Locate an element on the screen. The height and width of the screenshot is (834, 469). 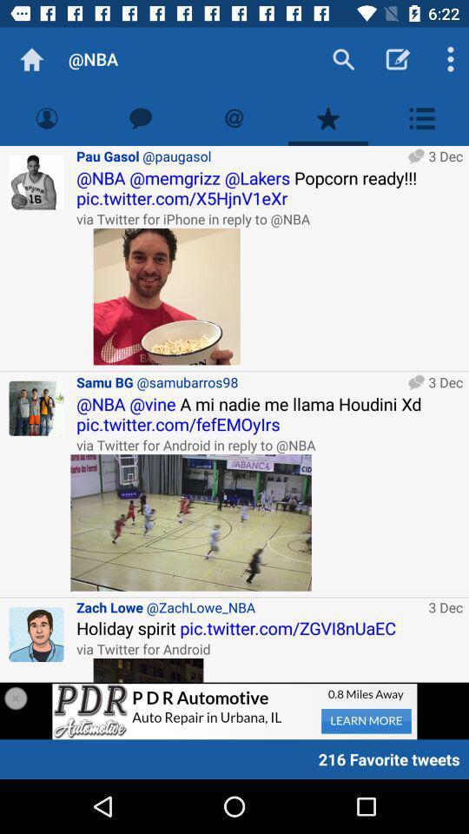
open poster 's profile is located at coordinates (36, 182).